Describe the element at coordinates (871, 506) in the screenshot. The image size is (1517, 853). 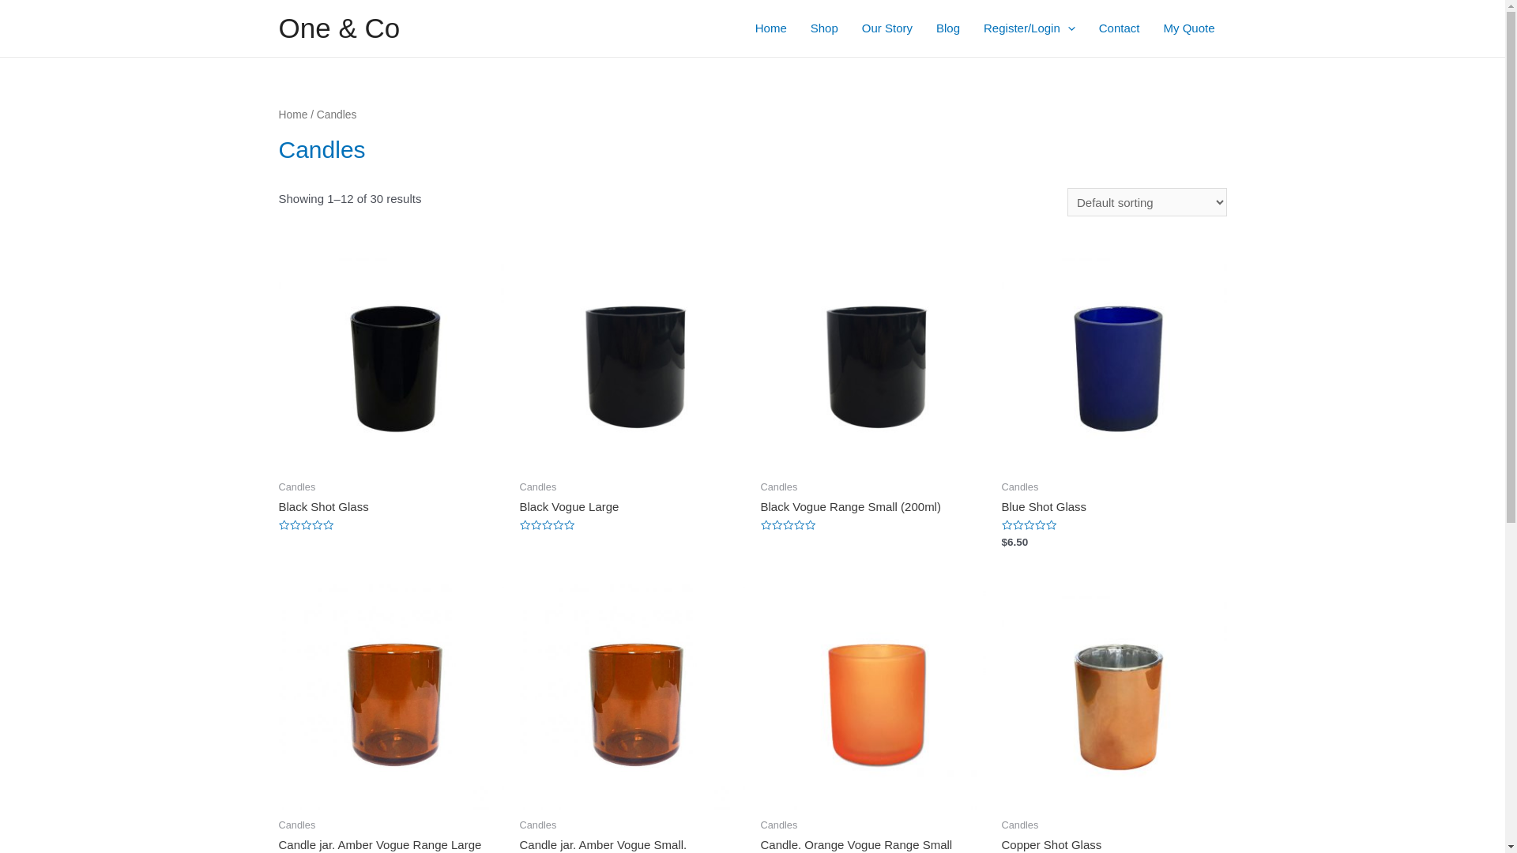
I see `'Black Vogue Range Small (200ml)'` at that location.